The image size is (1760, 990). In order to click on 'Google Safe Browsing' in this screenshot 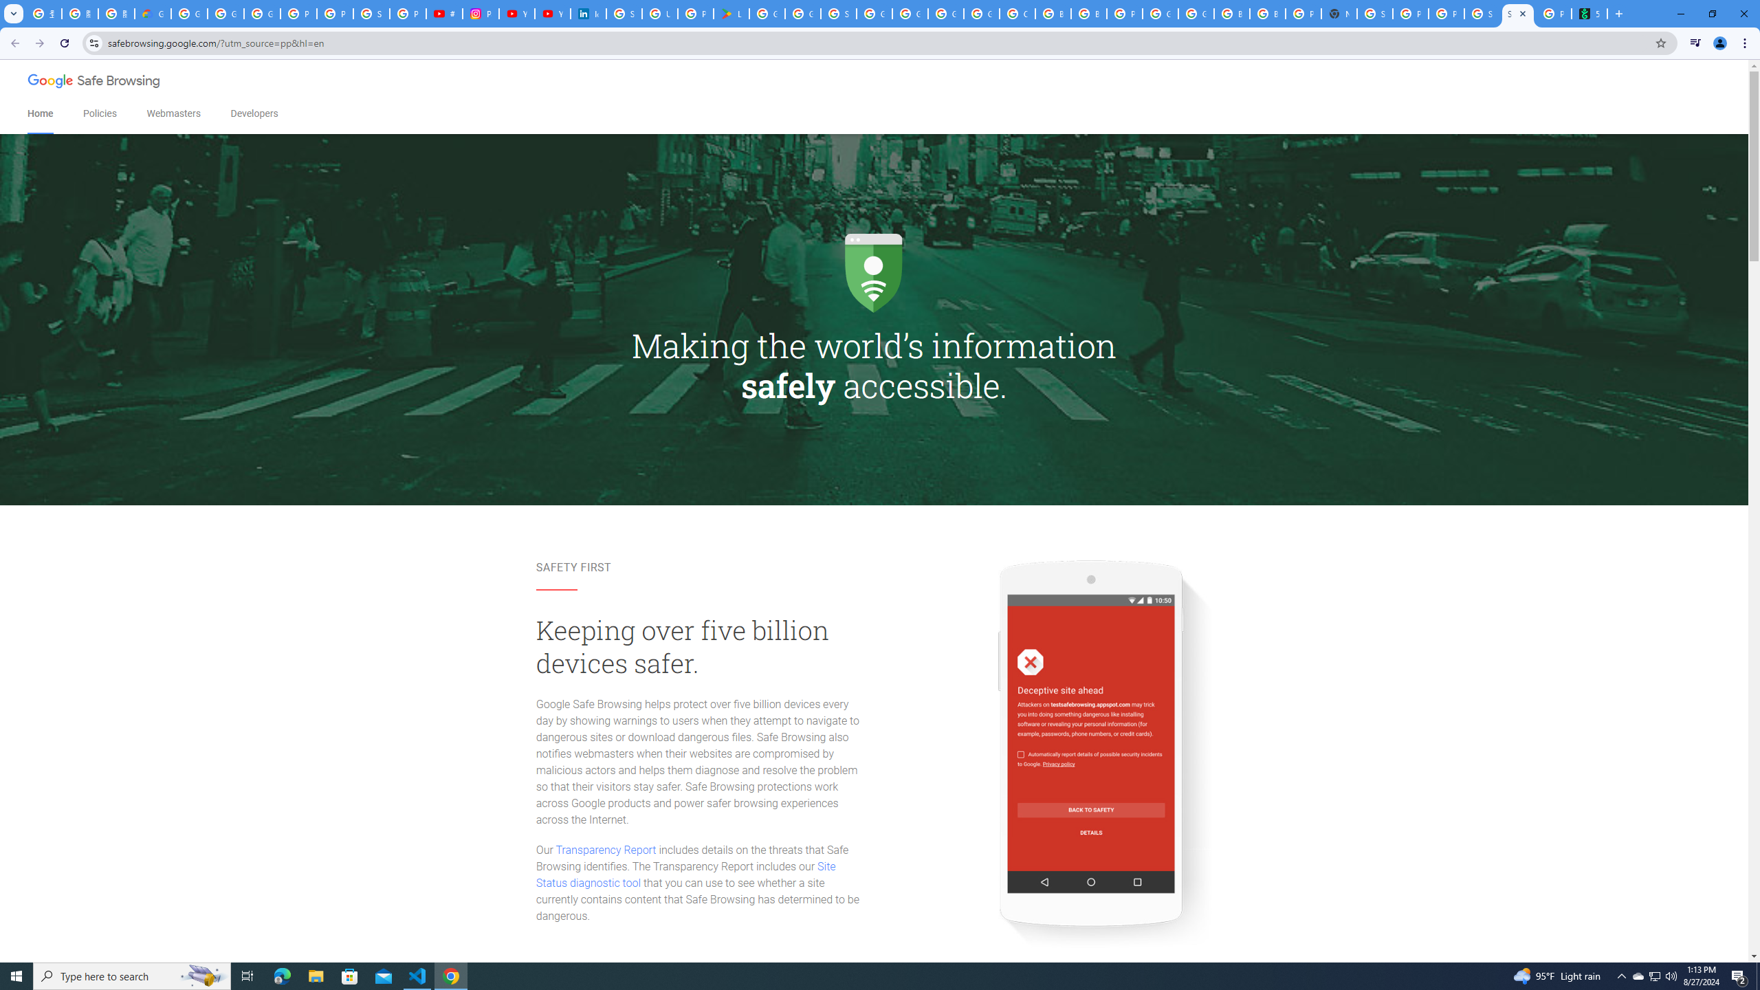, I will do `click(95, 82)`.